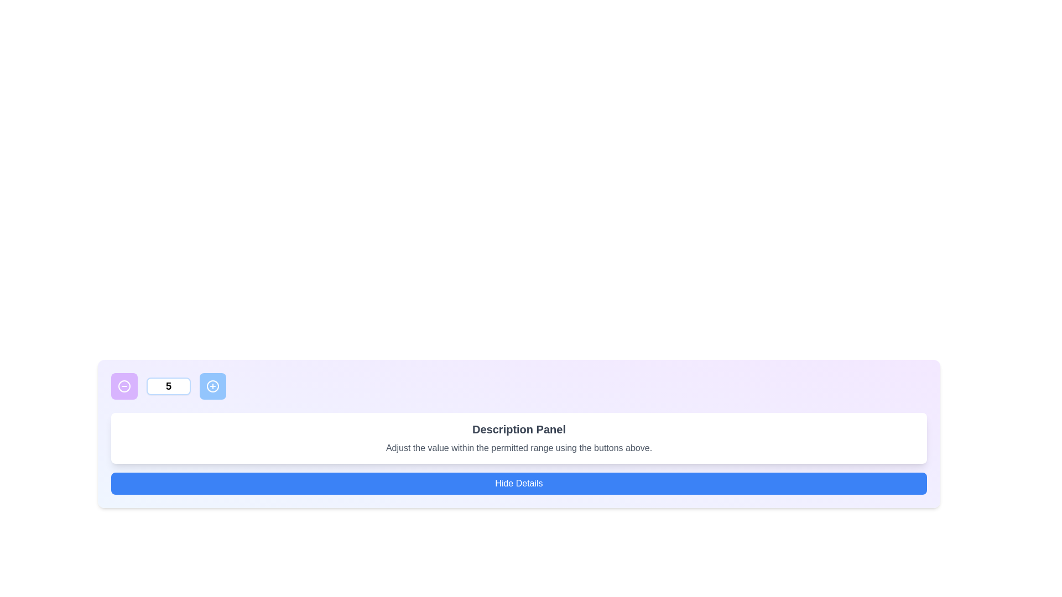  I want to click on the circular plus button located at the top-right corner of the control section, so click(212, 385).